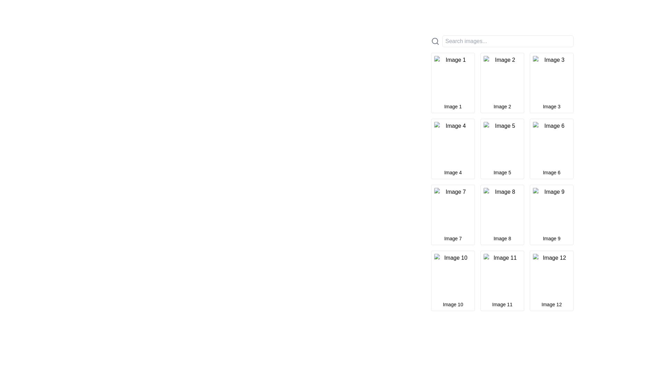 This screenshot has height=375, width=667. What do you see at coordinates (502, 304) in the screenshot?
I see `the text label displaying 'Image 11' located at the bottom of the eleventh card in a grid of image cards` at bounding box center [502, 304].